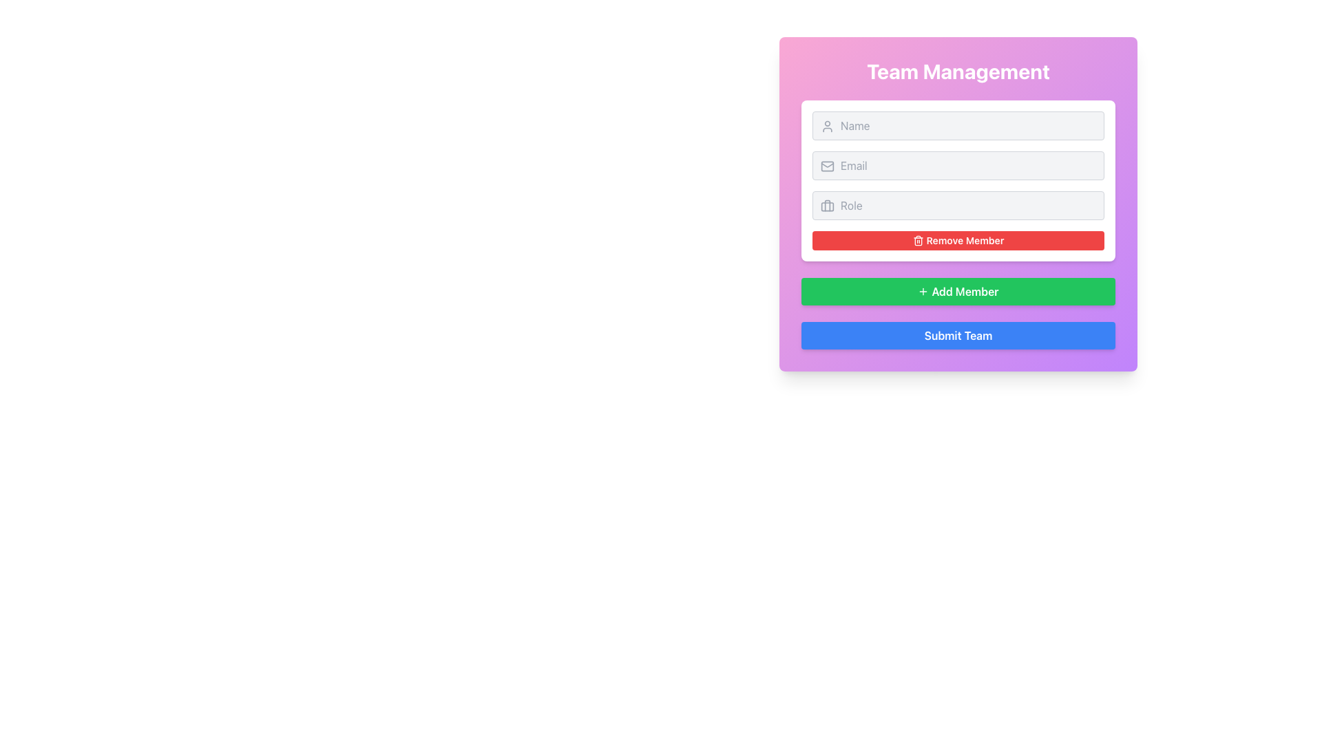 The image size is (1322, 743). Describe the element at coordinates (826, 127) in the screenshot. I see `the 'Name' input indicator icon located at the top-left corner of the input field to visually indicate the expected input type` at that location.